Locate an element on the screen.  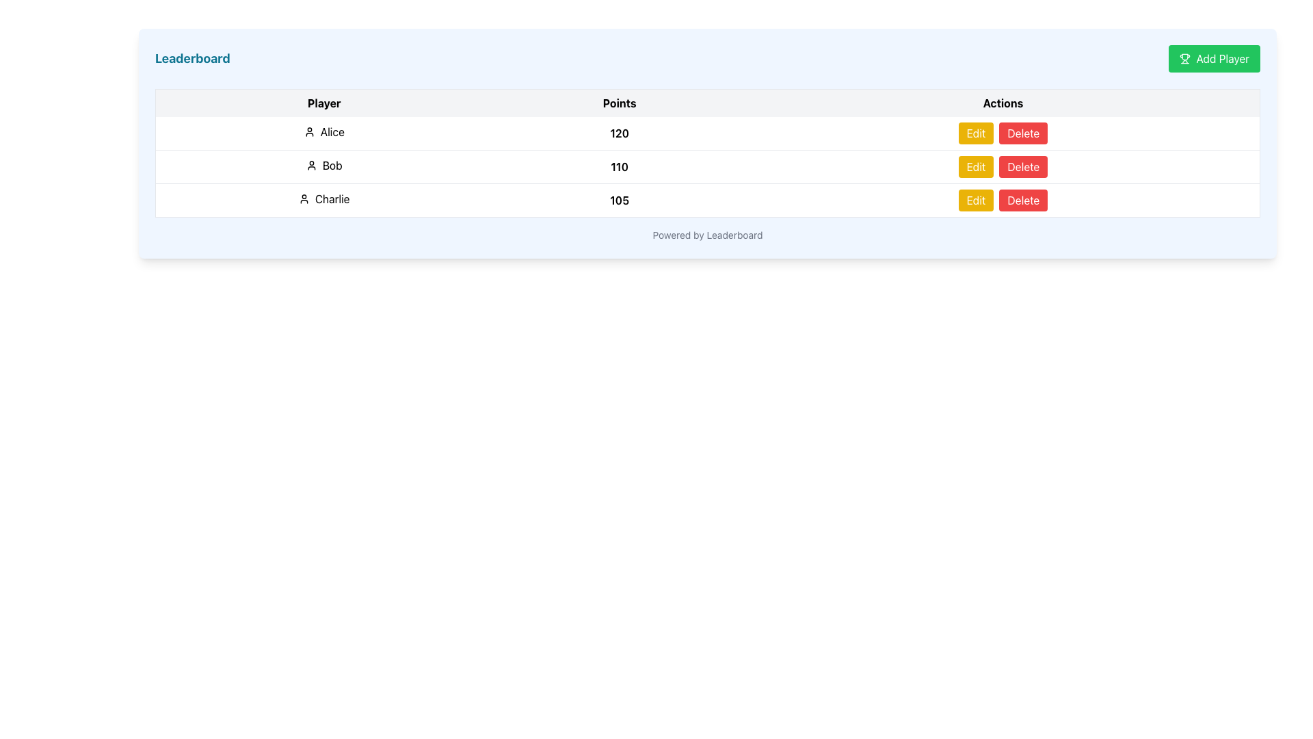
the text label displaying the numeric value '105' in the 'Points' column of the leaderboard table, which is aligned with the player name 'Charlie' is located at coordinates (619, 200).